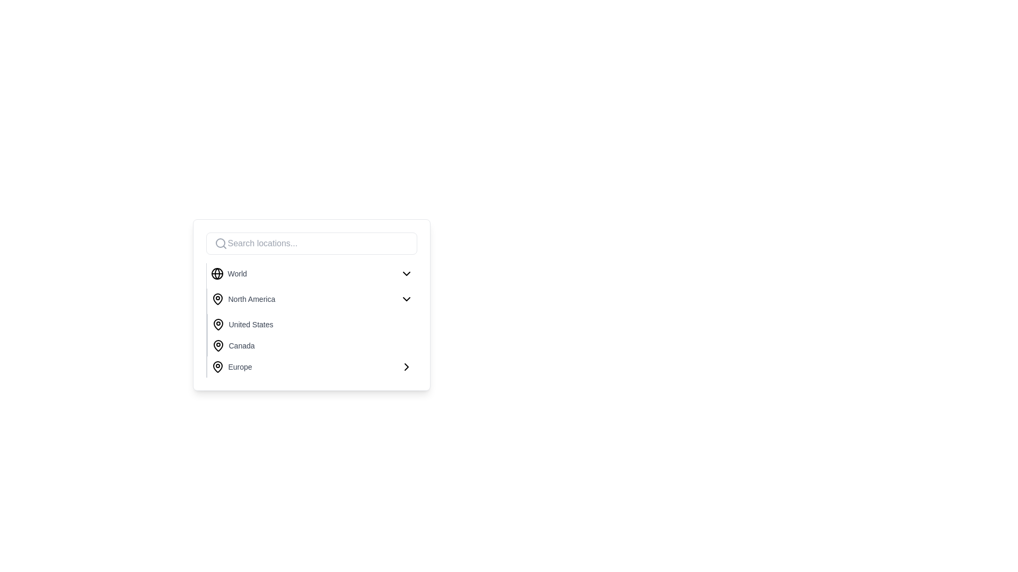  What do you see at coordinates (216, 273) in the screenshot?
I see `globe icon located at the top-left corner of the options list, adjacent to the 'World' text, for details` at bounding box center [216, 273].